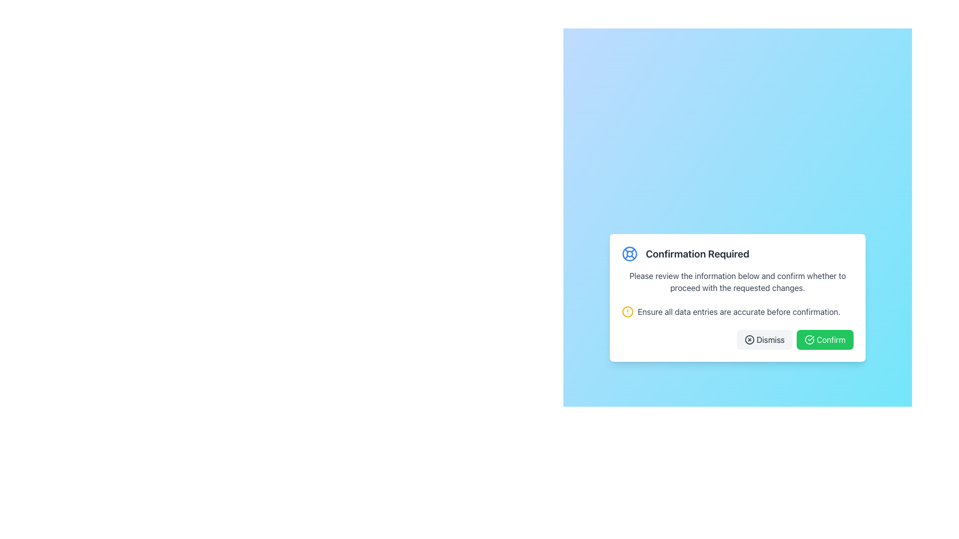 The width and height of the screenshot is (959, 539). I want to click on the central circular shape of the blue and white lifebuoy icon located in the top-left corner of the confirmation message box, so click(629, 253).